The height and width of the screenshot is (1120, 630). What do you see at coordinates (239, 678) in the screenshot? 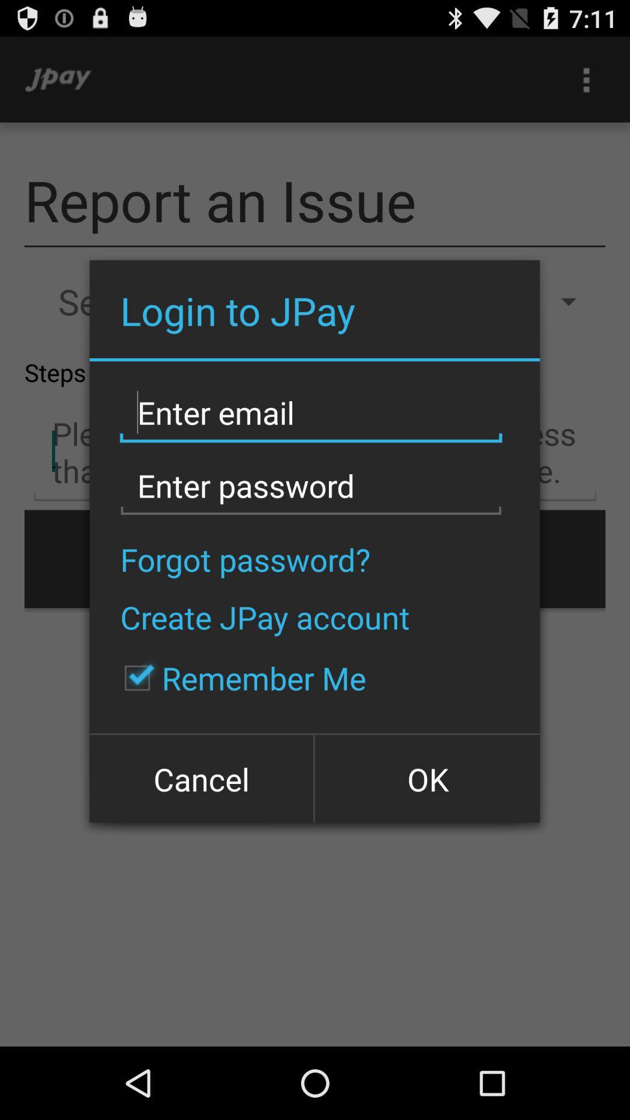
I see `item above cancel item` at bounding box center [239, 678].